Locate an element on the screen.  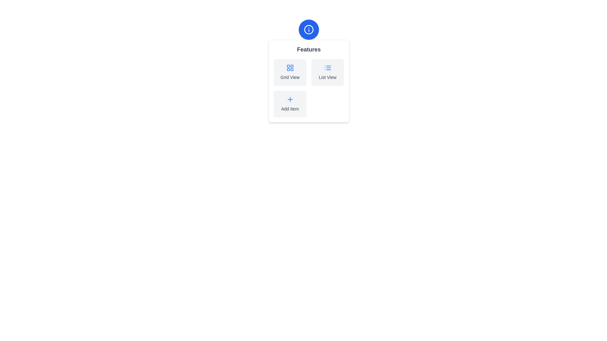
the 'Add Item' button, which is a rectangular button with rounded corners, a light gray background, and a blue plus sign icon at the top, located in the bottom-left of the grid layout is located at coordinates (290, 103).